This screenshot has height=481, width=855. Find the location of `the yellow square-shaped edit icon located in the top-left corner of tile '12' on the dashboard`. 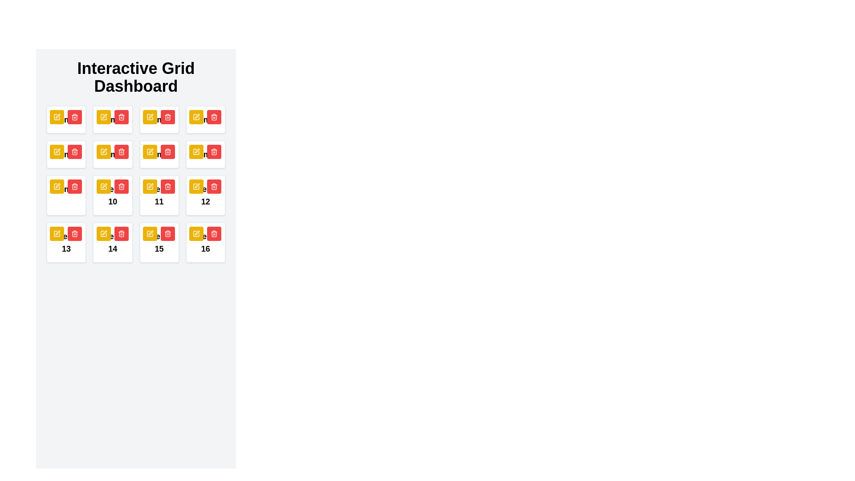

the yellow square-shaped edit icon located in the top-left corner of tile '12' on the dashboard is located at coordinates (196, 186).